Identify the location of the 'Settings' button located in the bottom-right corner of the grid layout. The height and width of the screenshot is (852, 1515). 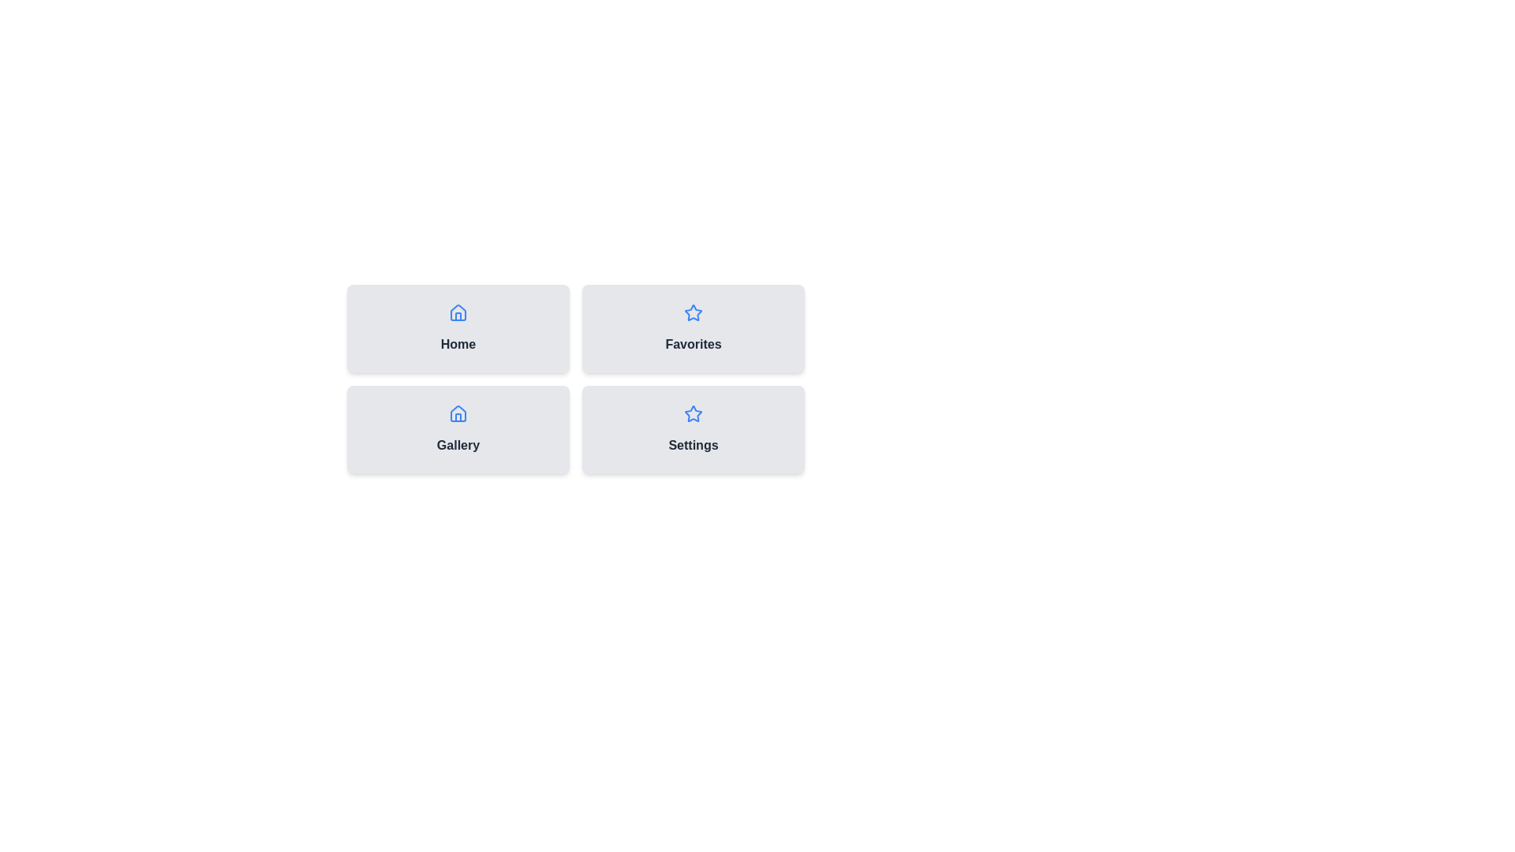
(693, 429).